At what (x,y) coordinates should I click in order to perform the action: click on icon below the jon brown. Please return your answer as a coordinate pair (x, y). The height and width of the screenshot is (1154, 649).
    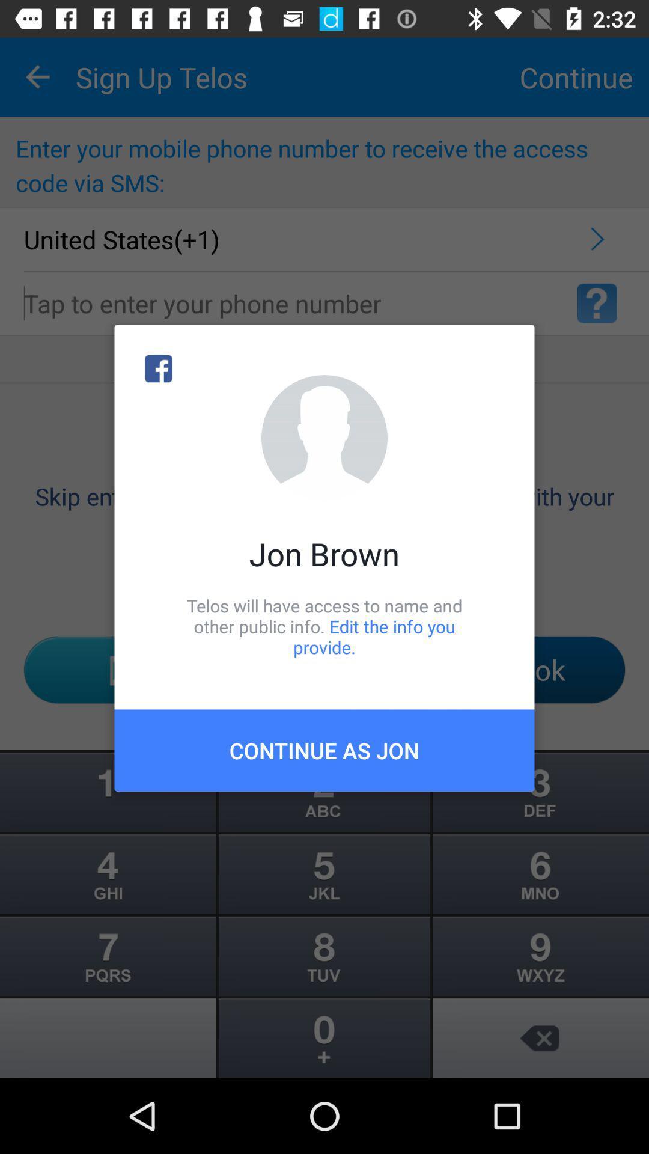
    Looking at the image, I should click on (324, 626).